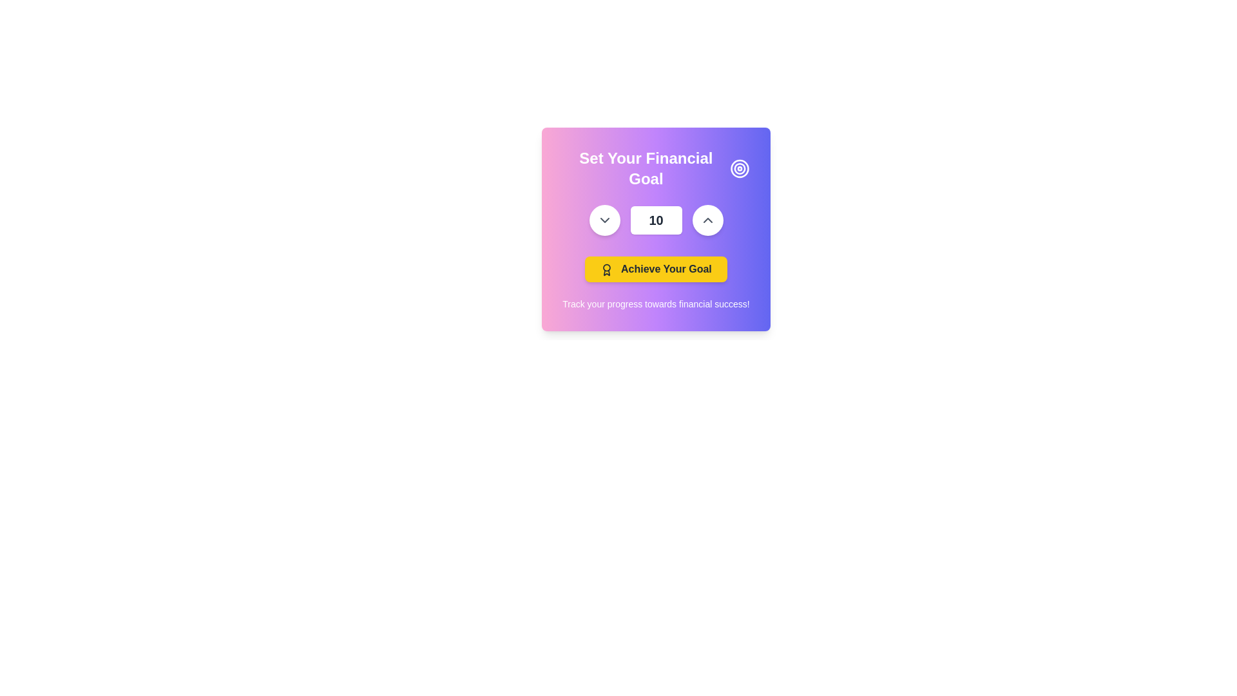 Image resolution: width=1237 pixels, height=696 pixels. I want to click on the circular button with a white background and downwards chevron icon, so click(604, 220).